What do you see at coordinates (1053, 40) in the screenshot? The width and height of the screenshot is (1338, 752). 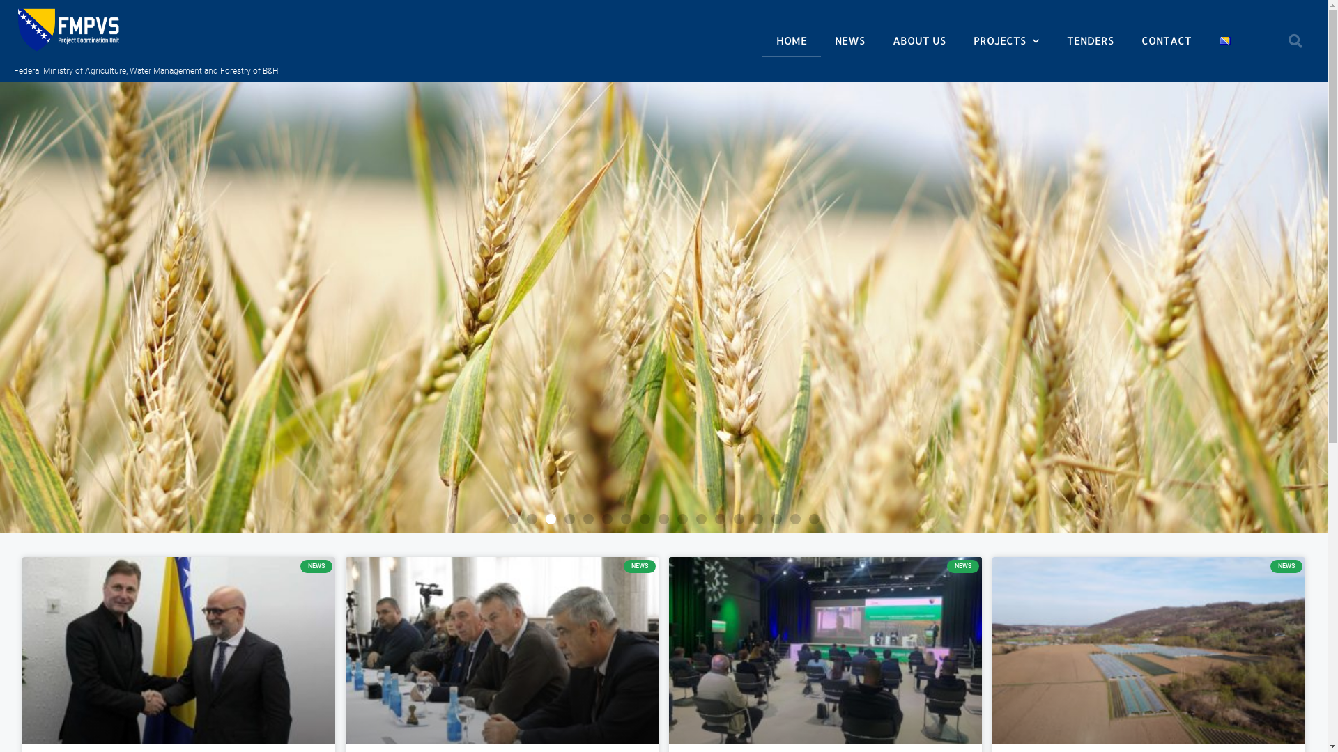 I see `'TENDERS'` at bounding box center [1053, 40].